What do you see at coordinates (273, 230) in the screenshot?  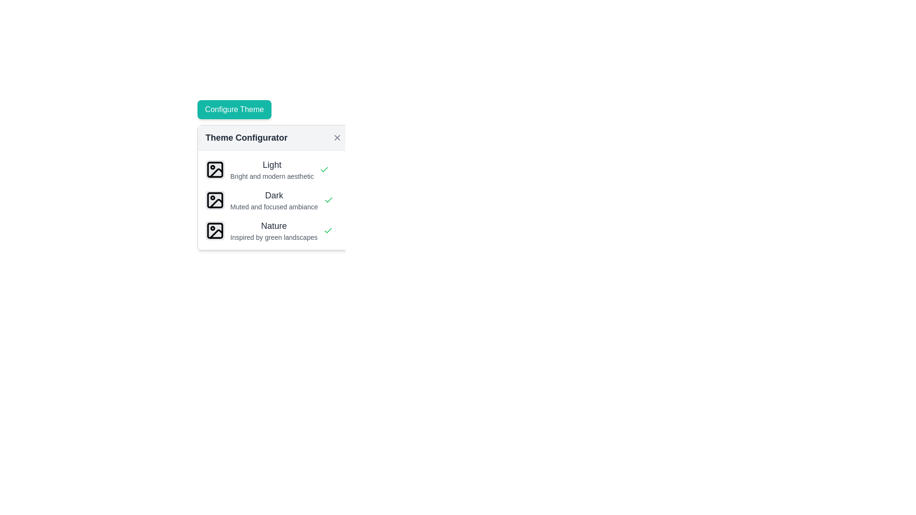 I see `the Text block titled 'Nature' with subtitle 'Inspired by green landscapes' in the Theme Configurator` at bounding box center [273, 230].